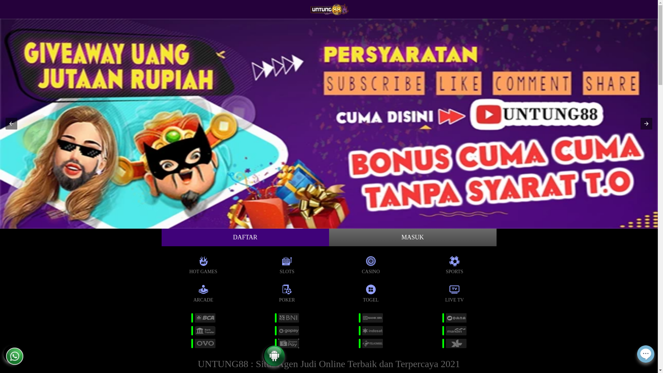 This screenshot has height=373, width=663. Describe the element at coordinates (245, 237) in the screenshot. I see `'DAFTAR'` at that location.